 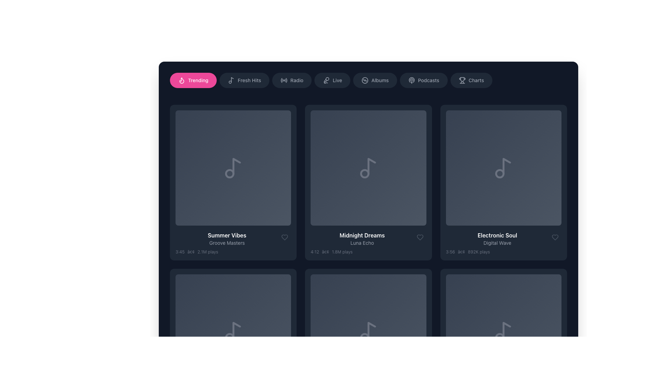 What do you see at coordinates (411, 80) in the screenshot?
I see `the circular podcast icon with concentric circles located immediately to the left of the 'Podcasts' text in the navigation bar` at bounding box center [411, 80].